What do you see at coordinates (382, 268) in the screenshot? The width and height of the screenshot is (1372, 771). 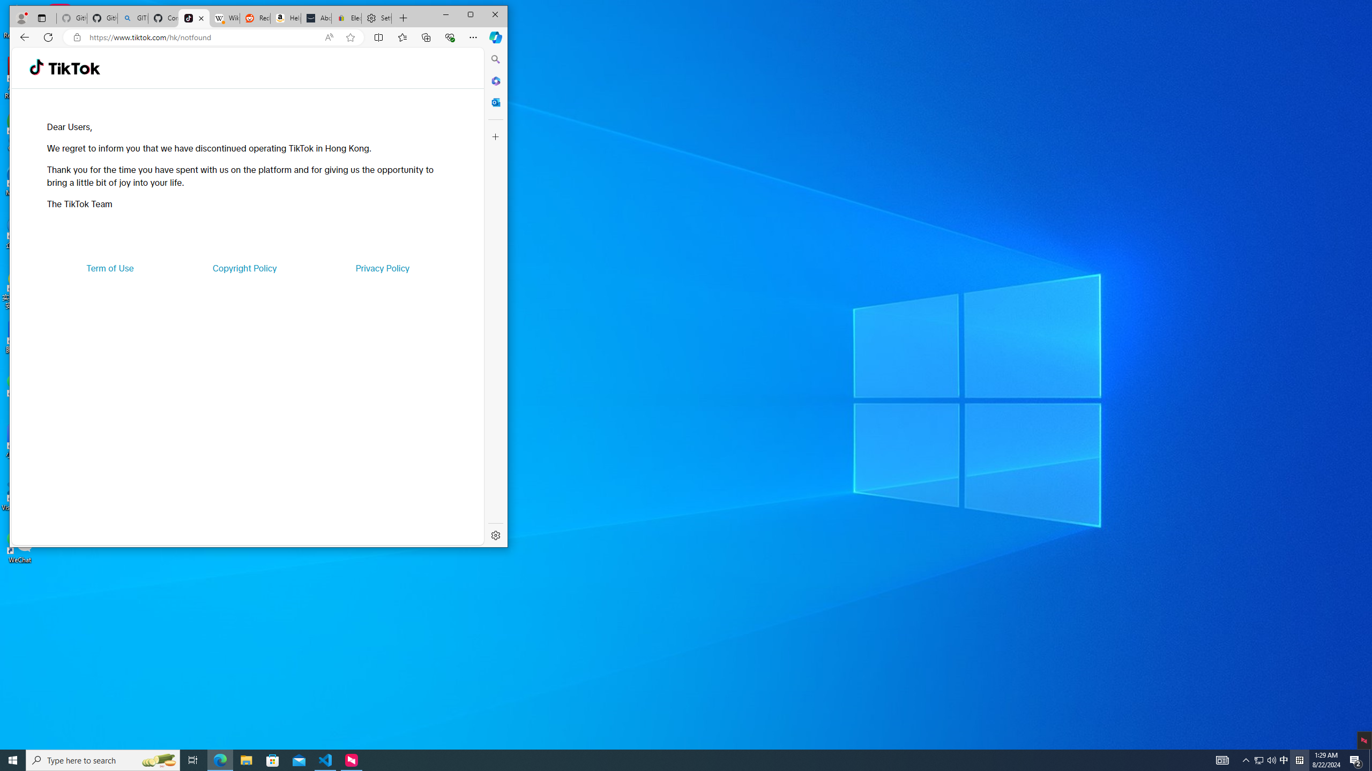 I see `'Privacy Policy'` at bounding box center [382, 268].